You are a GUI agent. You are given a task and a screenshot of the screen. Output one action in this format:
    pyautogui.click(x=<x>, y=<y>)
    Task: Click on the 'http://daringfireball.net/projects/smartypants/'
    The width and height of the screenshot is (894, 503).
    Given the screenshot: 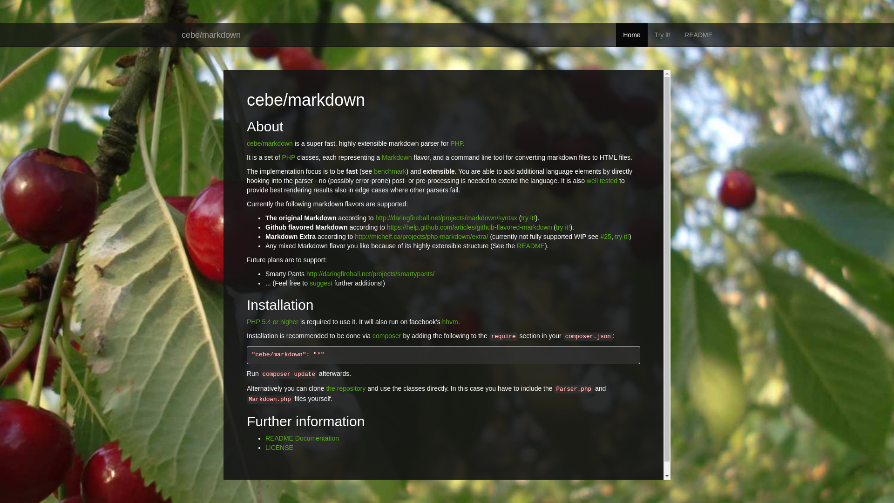 What is the action you would take?
    pyautogui.click(x=370, y=273)
    